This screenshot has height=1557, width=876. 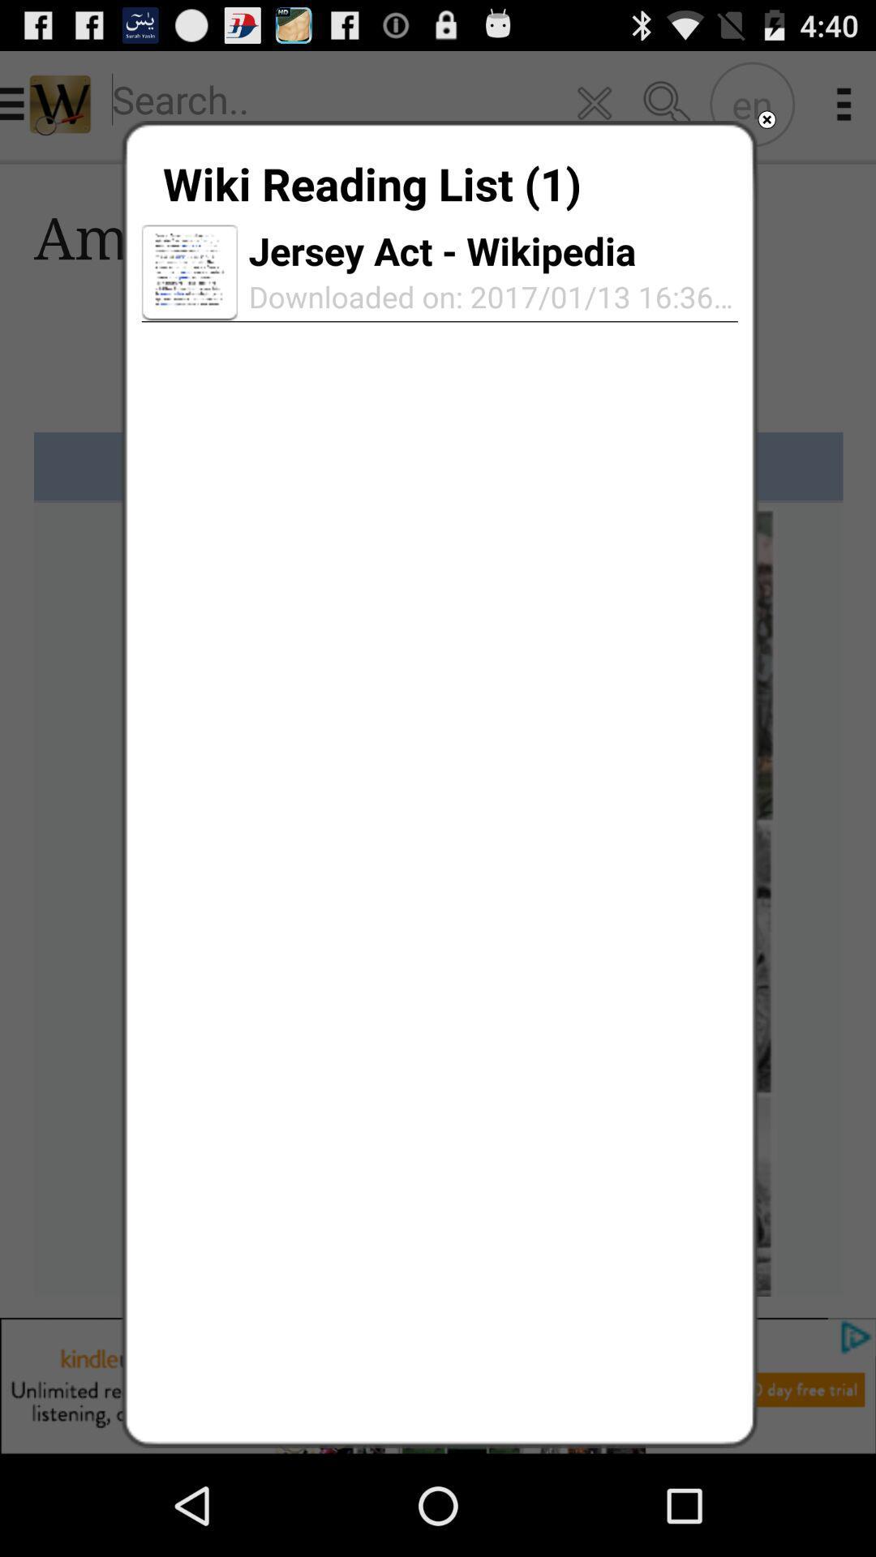 I want to click on the item at the top left corner, so click(x=189, y=272).